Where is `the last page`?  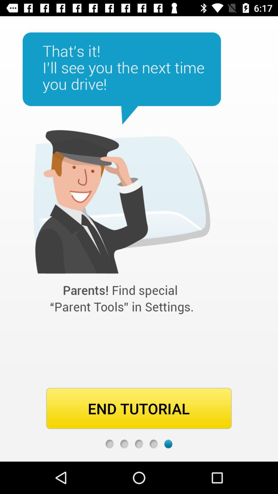
the last page is located at coordinates (168, 444).